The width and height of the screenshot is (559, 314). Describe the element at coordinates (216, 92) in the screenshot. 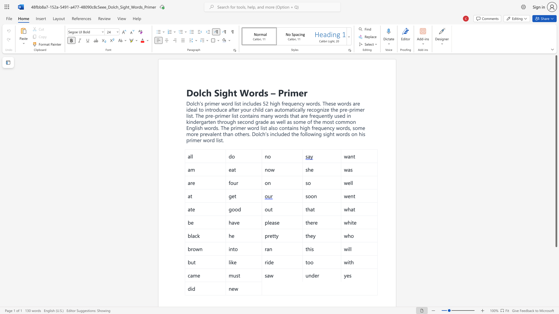

I see `the 1th character "S" in the text` at that location.